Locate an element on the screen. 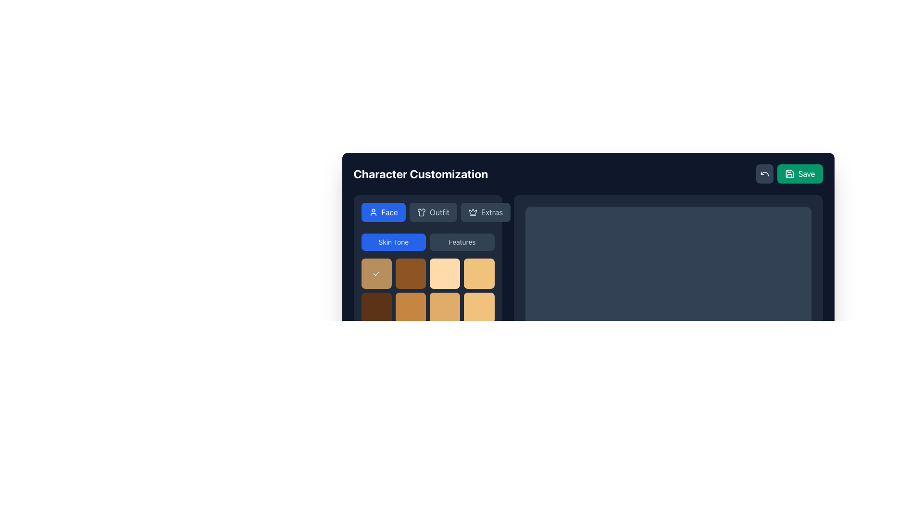 The width and height of the screenshot is (923, 519). the 'Skin Tone' button, which is a rectangular button with rounded corners and a blue background is located at coordinates (393, 242).